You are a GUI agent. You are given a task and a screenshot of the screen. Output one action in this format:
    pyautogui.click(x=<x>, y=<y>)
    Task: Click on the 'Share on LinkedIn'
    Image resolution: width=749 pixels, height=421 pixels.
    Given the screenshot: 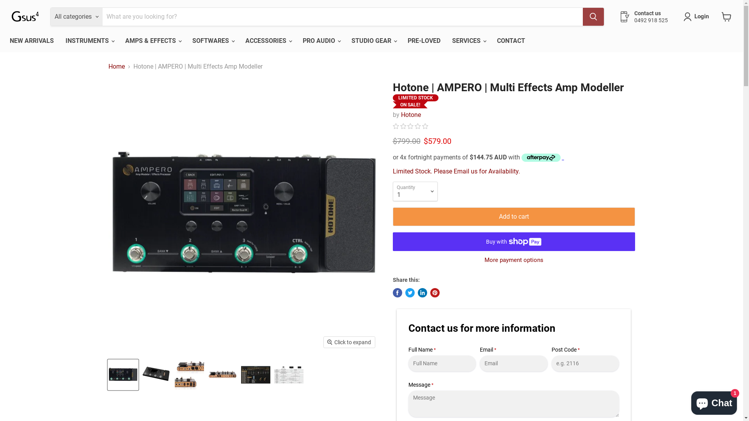 What is the action you would take?
    pyautogui.click(x=421, y=293)
    